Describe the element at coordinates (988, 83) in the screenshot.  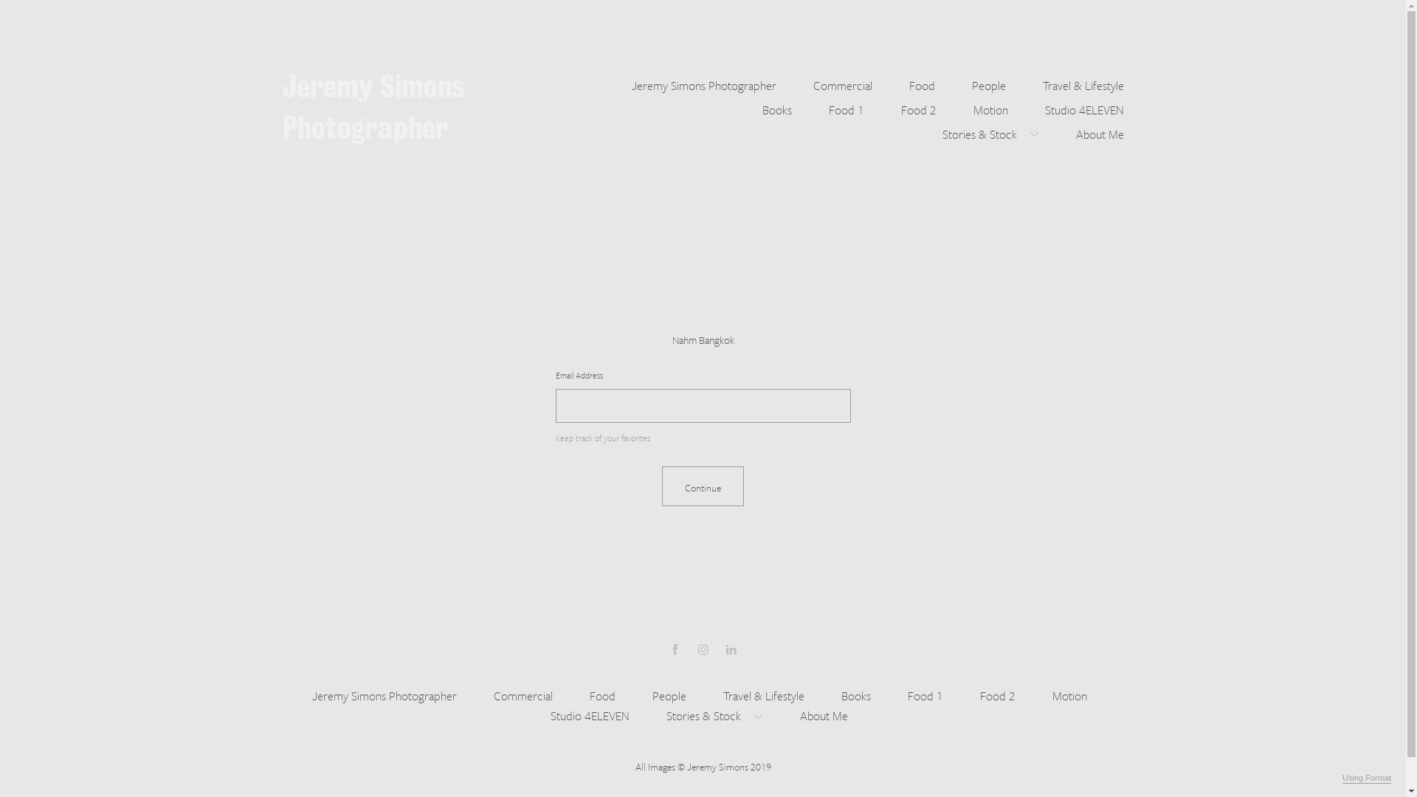
I see `'People'` at that location.